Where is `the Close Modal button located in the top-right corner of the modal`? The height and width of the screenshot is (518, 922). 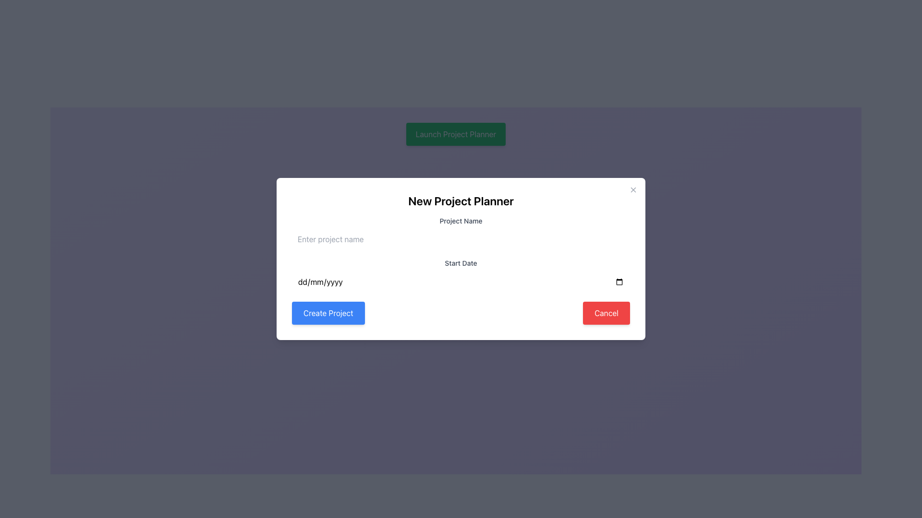 the Close Modal button located in the top-right corner of the modal is located at coordinates (633, 190).